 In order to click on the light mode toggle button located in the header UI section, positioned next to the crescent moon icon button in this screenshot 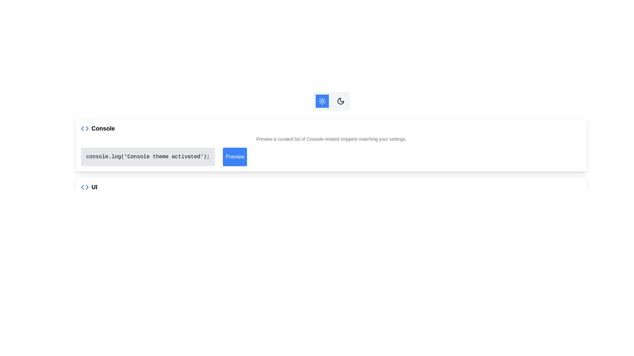, I will do `click(322, 101)`.